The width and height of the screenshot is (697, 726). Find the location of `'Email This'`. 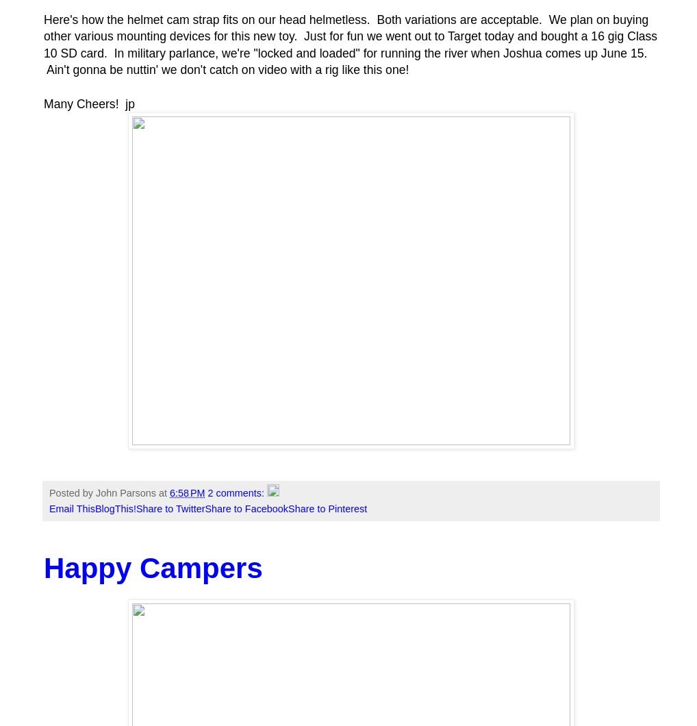

'Email This' is located at coordinates (71, 508).